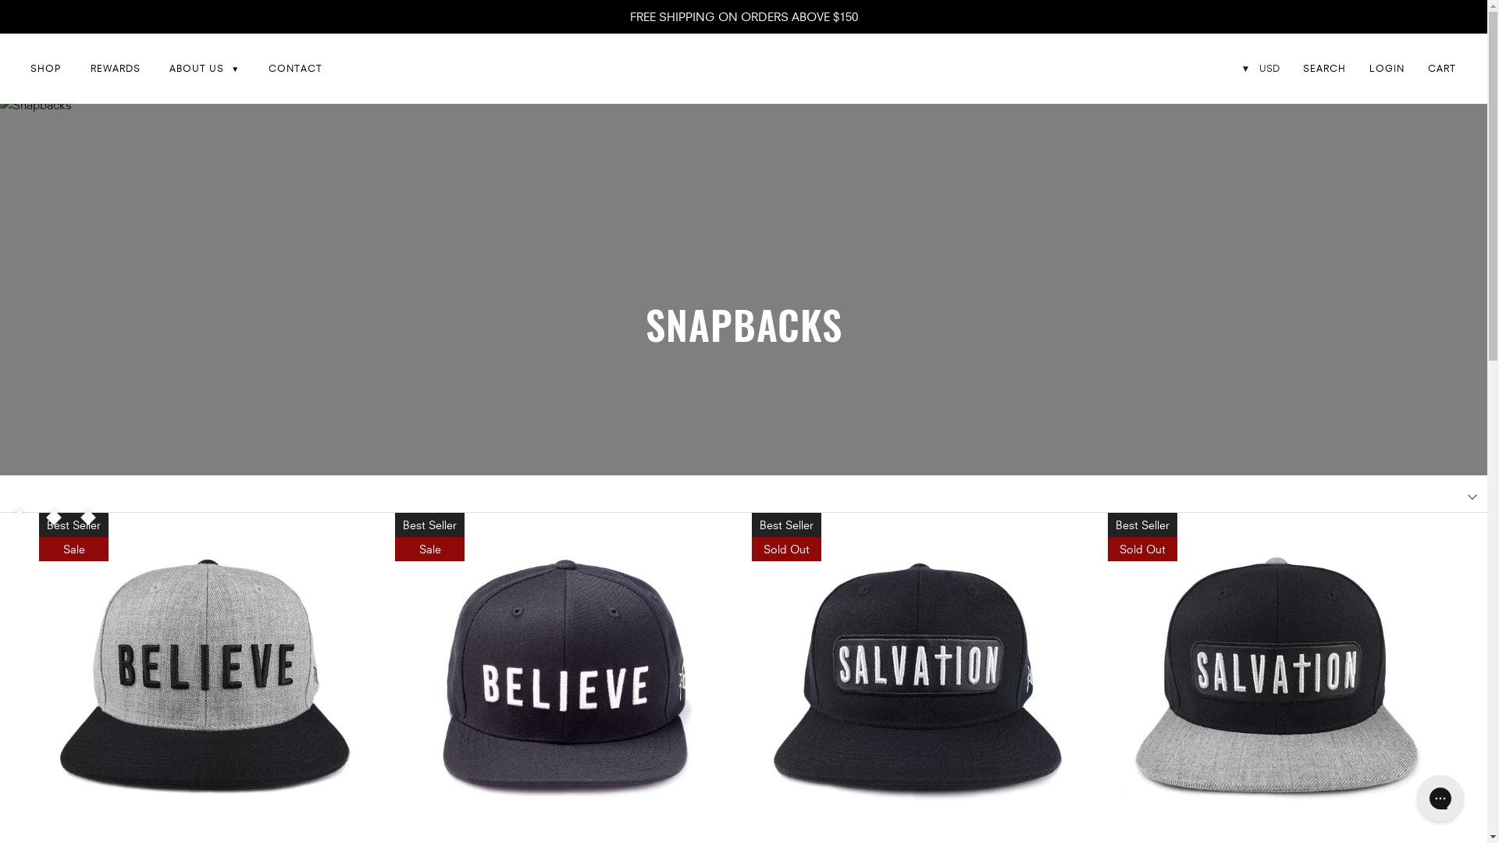  Describe the element at coordinates (1323, 67) in the screenshot. I see `'SEARCH'` at that location.